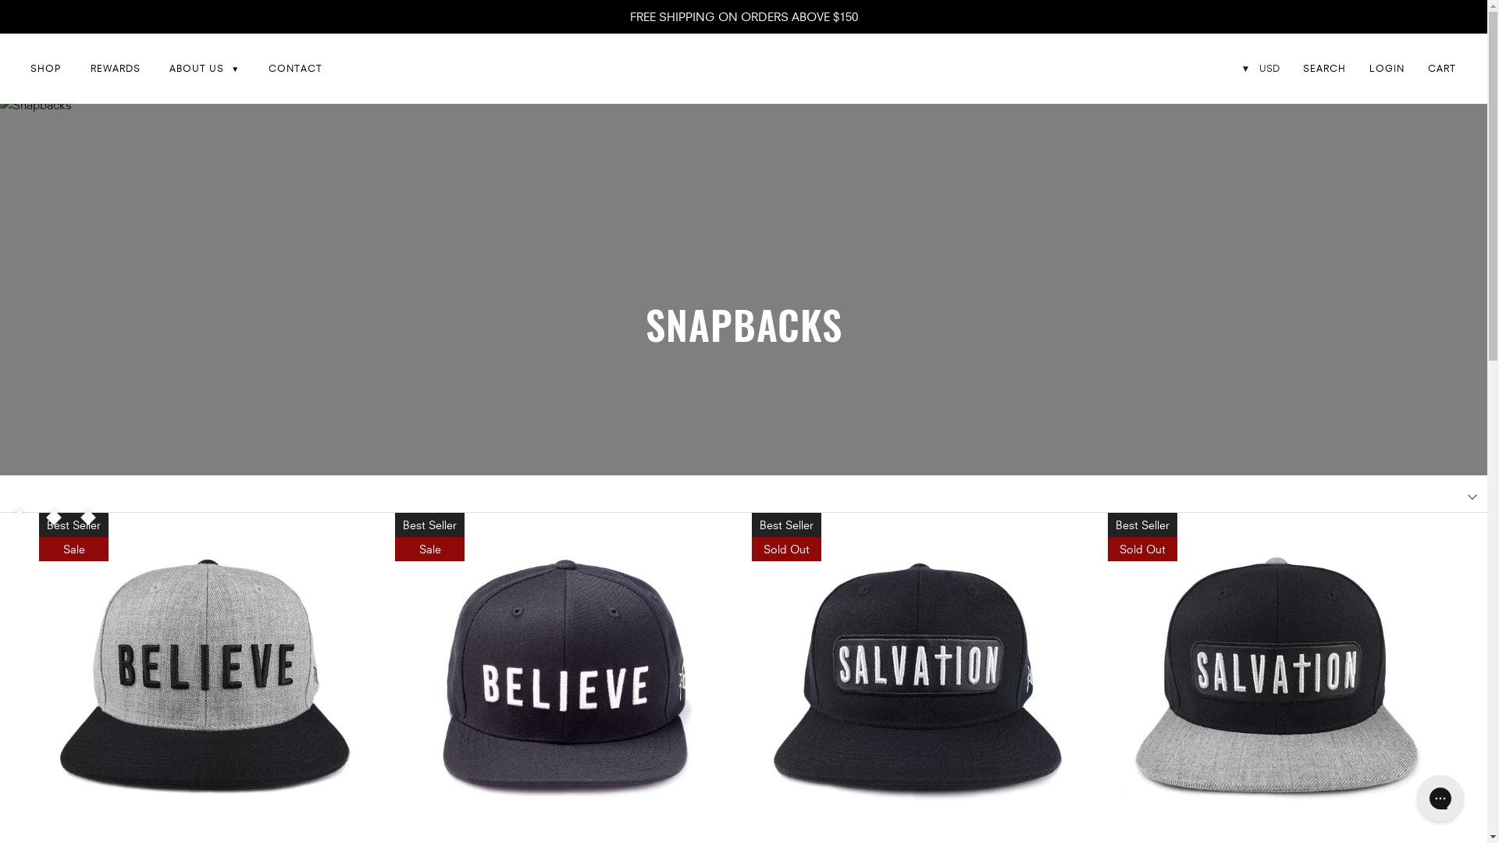  Describe the element at coordinates (1323, 67) in the screenshot. I see `'SEARCH'` at that location.